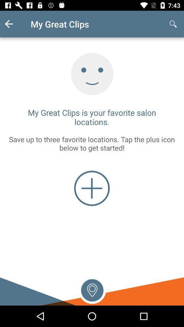 This screenshot has width=184, height=327. What do you see at coordinates (92, 289) in the screenshot?
I see `choose locations` at bounding box center [92, 289].